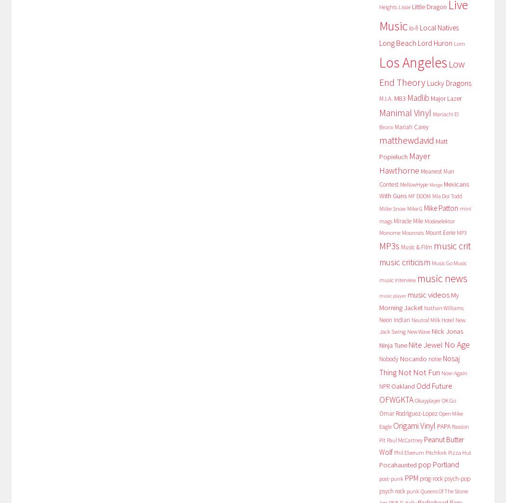 The height and width of the screenshot is (503, 506). What do you see at coordinates (428, 6) in the screenshot?
I see `'Little Dragon'` at bounding box center [428, 6].